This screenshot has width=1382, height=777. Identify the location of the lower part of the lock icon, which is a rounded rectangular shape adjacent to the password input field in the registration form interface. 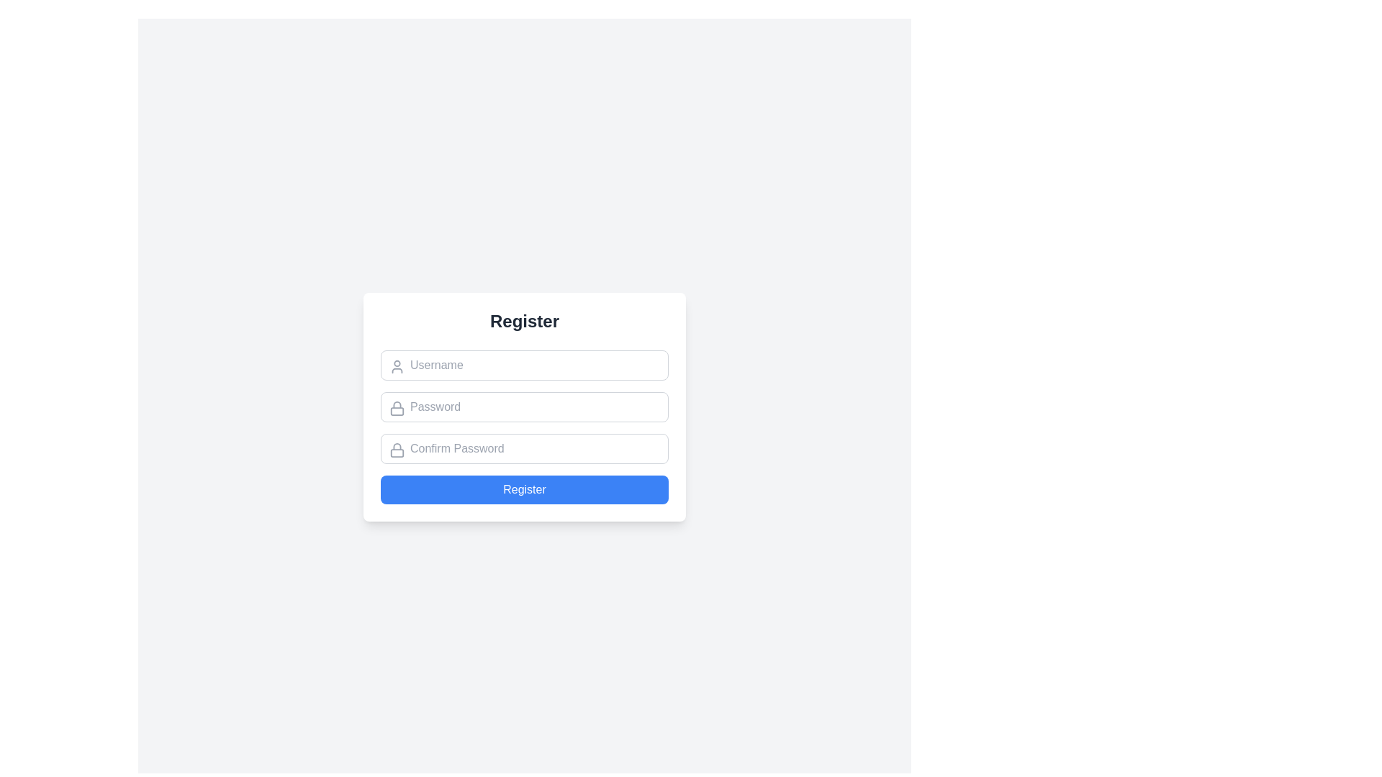
(397, 411).